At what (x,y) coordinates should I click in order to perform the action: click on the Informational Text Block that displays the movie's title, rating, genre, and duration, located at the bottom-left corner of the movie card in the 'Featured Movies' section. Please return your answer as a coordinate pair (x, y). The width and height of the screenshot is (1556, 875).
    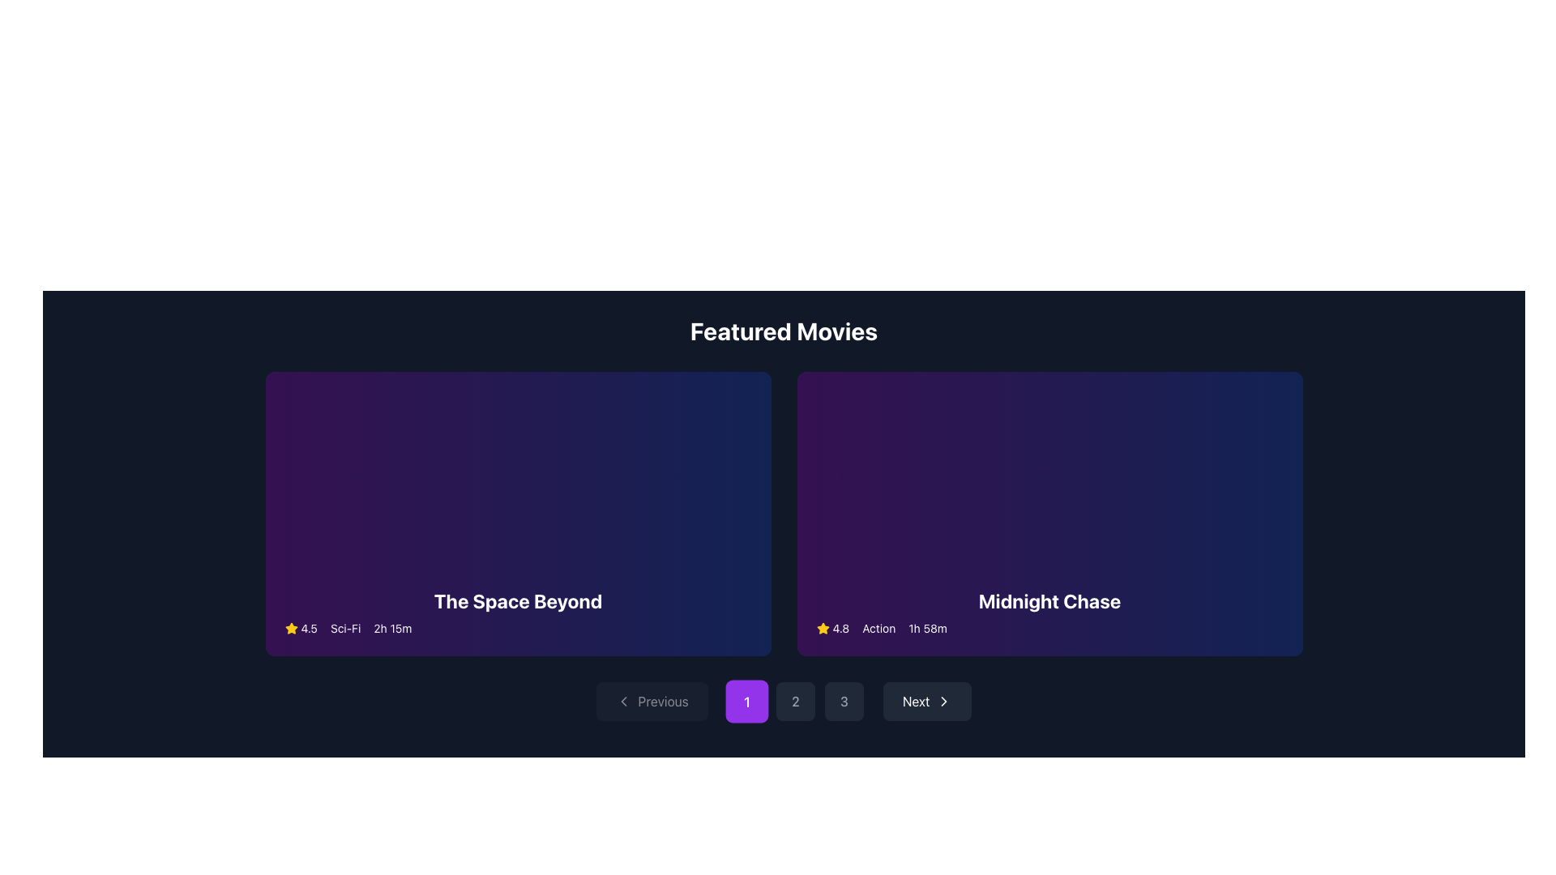
    Looking at the image, I should click on (517, 612).